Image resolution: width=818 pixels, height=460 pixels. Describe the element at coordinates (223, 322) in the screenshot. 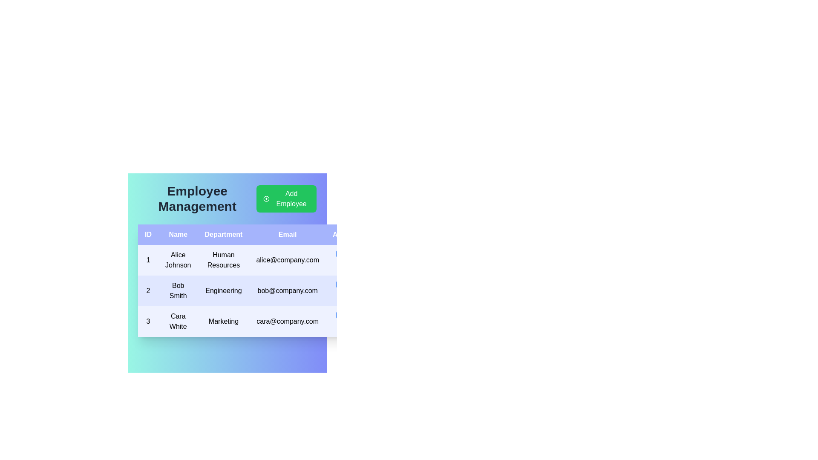

I see `the Static Text Label displaying 'Marketing', located in the third column of the last row under the 'Department' header in the employee table` at that location.